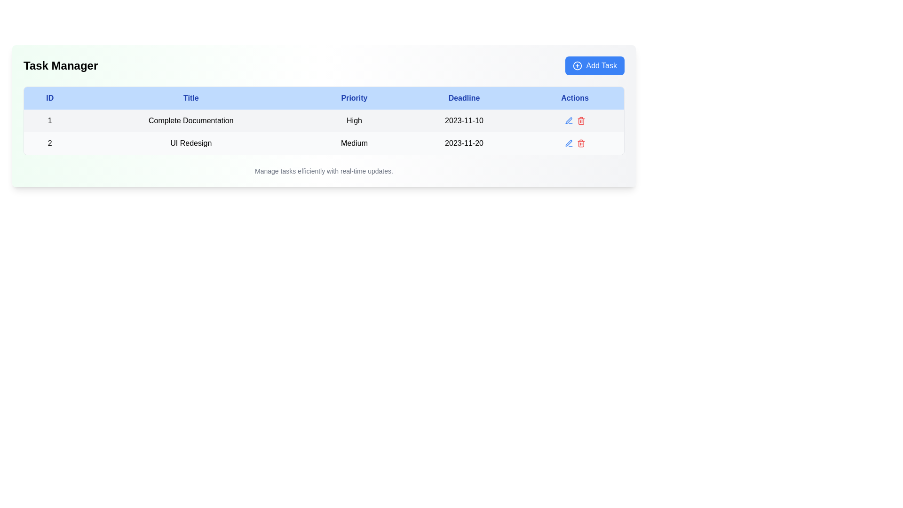 The height and width of the screenshot is (508, 903). What do you see at coordinates (324, 143) in the screenshot?
I see `the second table row displaying '2', 'UI Redesign', 'Medium', and '2023-11-20'` at bounding box center [324, 143].